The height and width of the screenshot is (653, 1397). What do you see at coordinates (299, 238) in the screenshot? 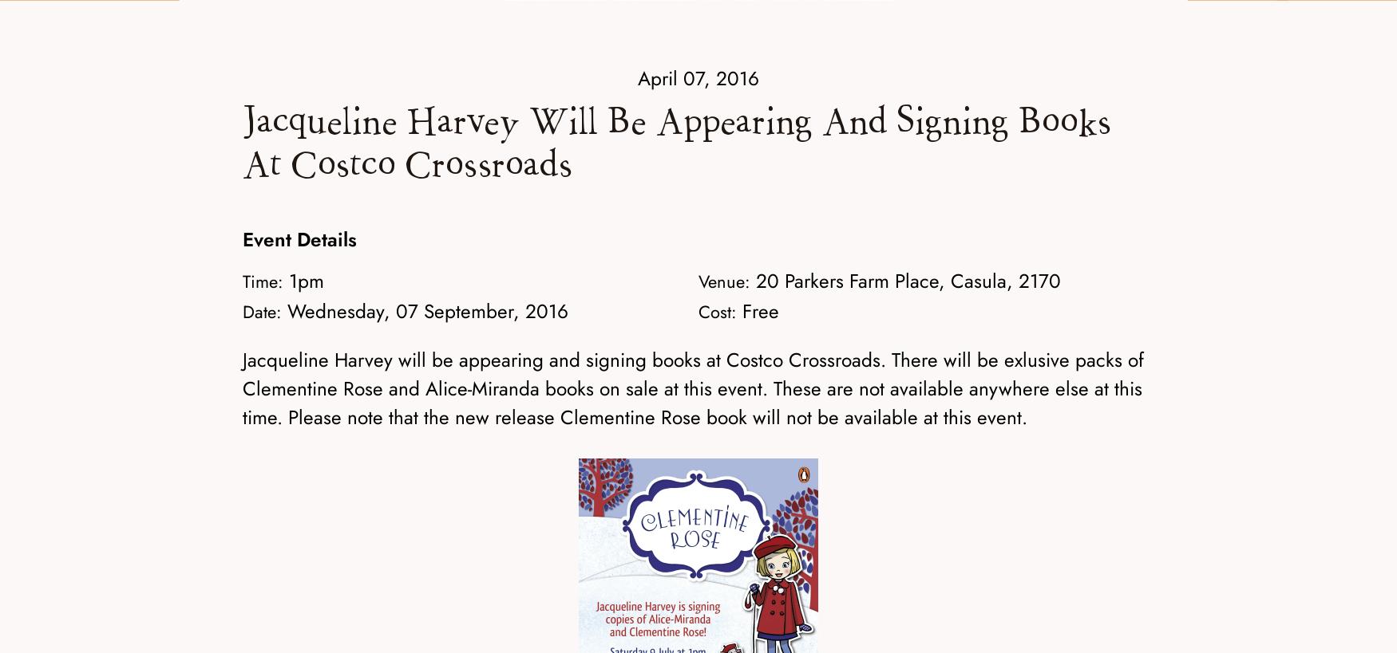
I see `'Event Details'` at bounding box center [299, 238].